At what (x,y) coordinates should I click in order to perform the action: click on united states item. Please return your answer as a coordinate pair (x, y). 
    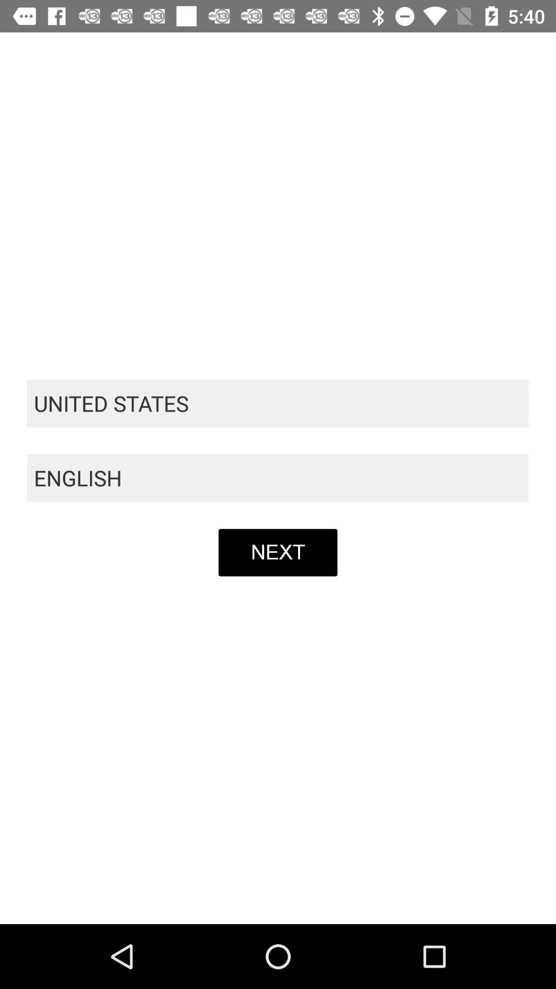
    Looking at the image, I should click on (278, 403).